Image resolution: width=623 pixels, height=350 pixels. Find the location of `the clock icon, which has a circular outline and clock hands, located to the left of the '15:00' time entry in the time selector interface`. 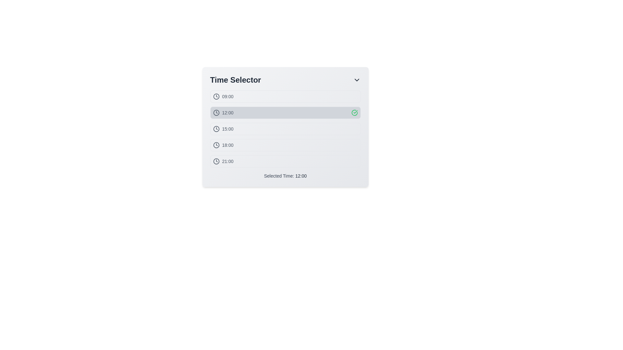

the clock icon, which has a circular outline and clock hands, located to the left of the '15:00' time entry in the time selector interface is located at coordinates (216, 129).